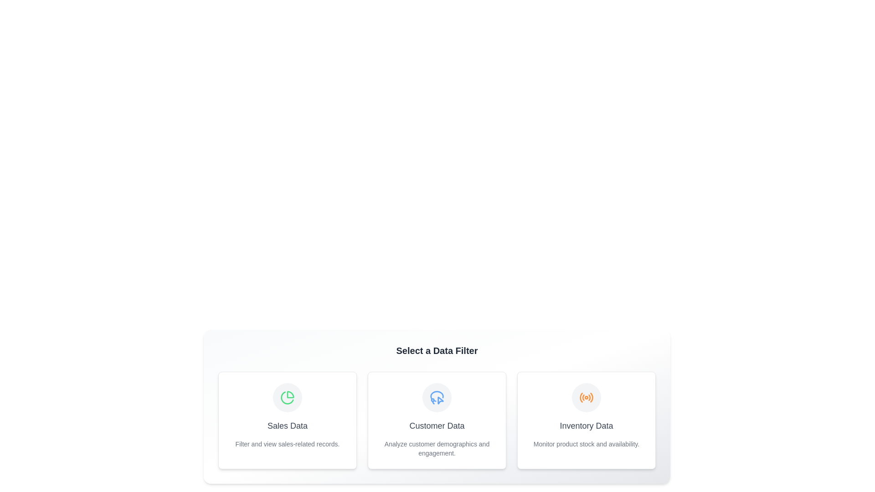  I want to click on the Icon representing customer data analysis located within the 'Customer Data' tile, situated above the text 'Analyze customer demographics and engagement.', so click(437, 397).